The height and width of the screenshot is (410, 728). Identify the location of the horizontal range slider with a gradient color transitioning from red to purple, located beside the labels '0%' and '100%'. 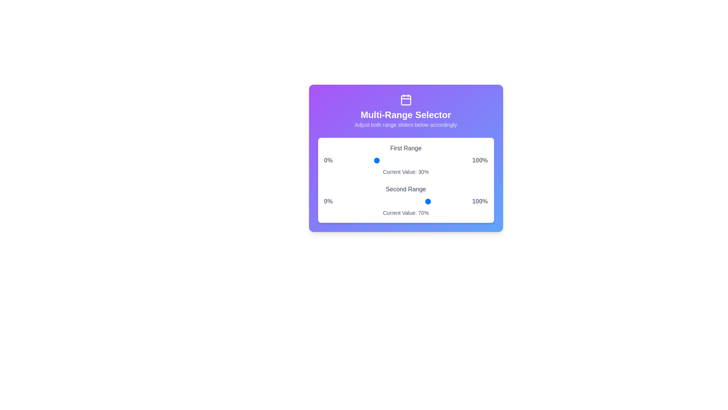
(402, 201).